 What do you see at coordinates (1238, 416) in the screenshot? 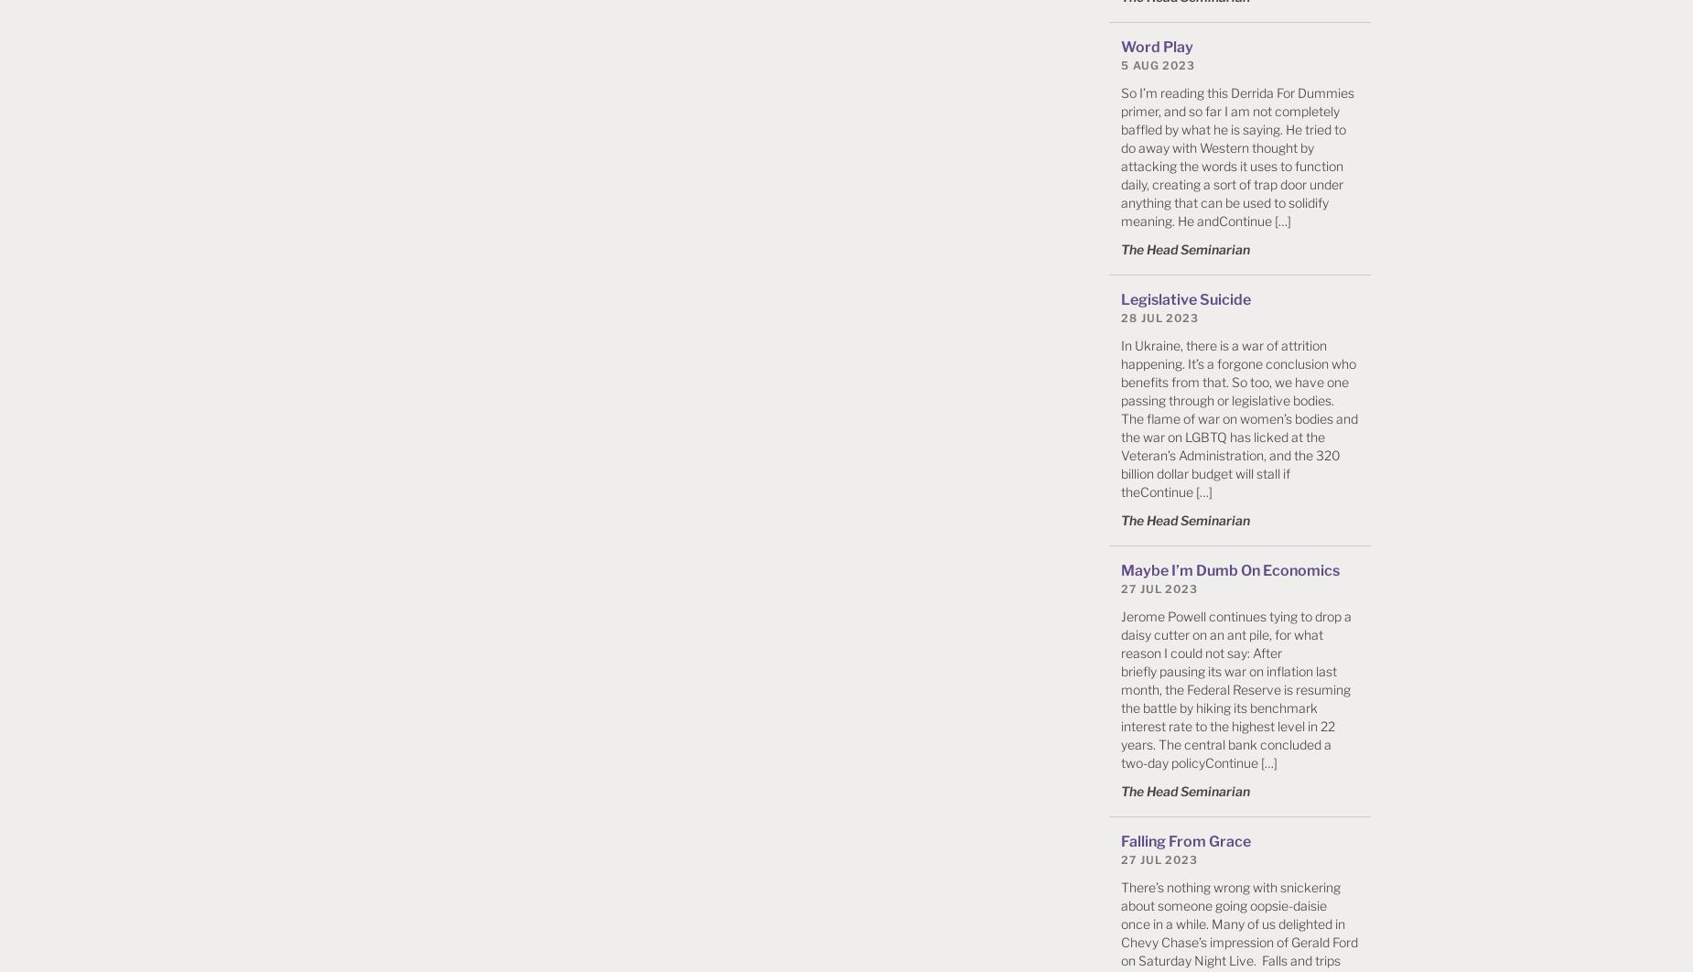
I see `'In Ukraine, there is a war of attrition happening. It’s a forgone conclusion who benefits from that. So too, we have one passing through or legislative bodies. The flame of war on women’s bodies and the war on LGBTQ has licked at the Veteran’s Administration, and the 320 billion dollar budget will stall if theContinue […]'` at bounding box center [1238, 416].